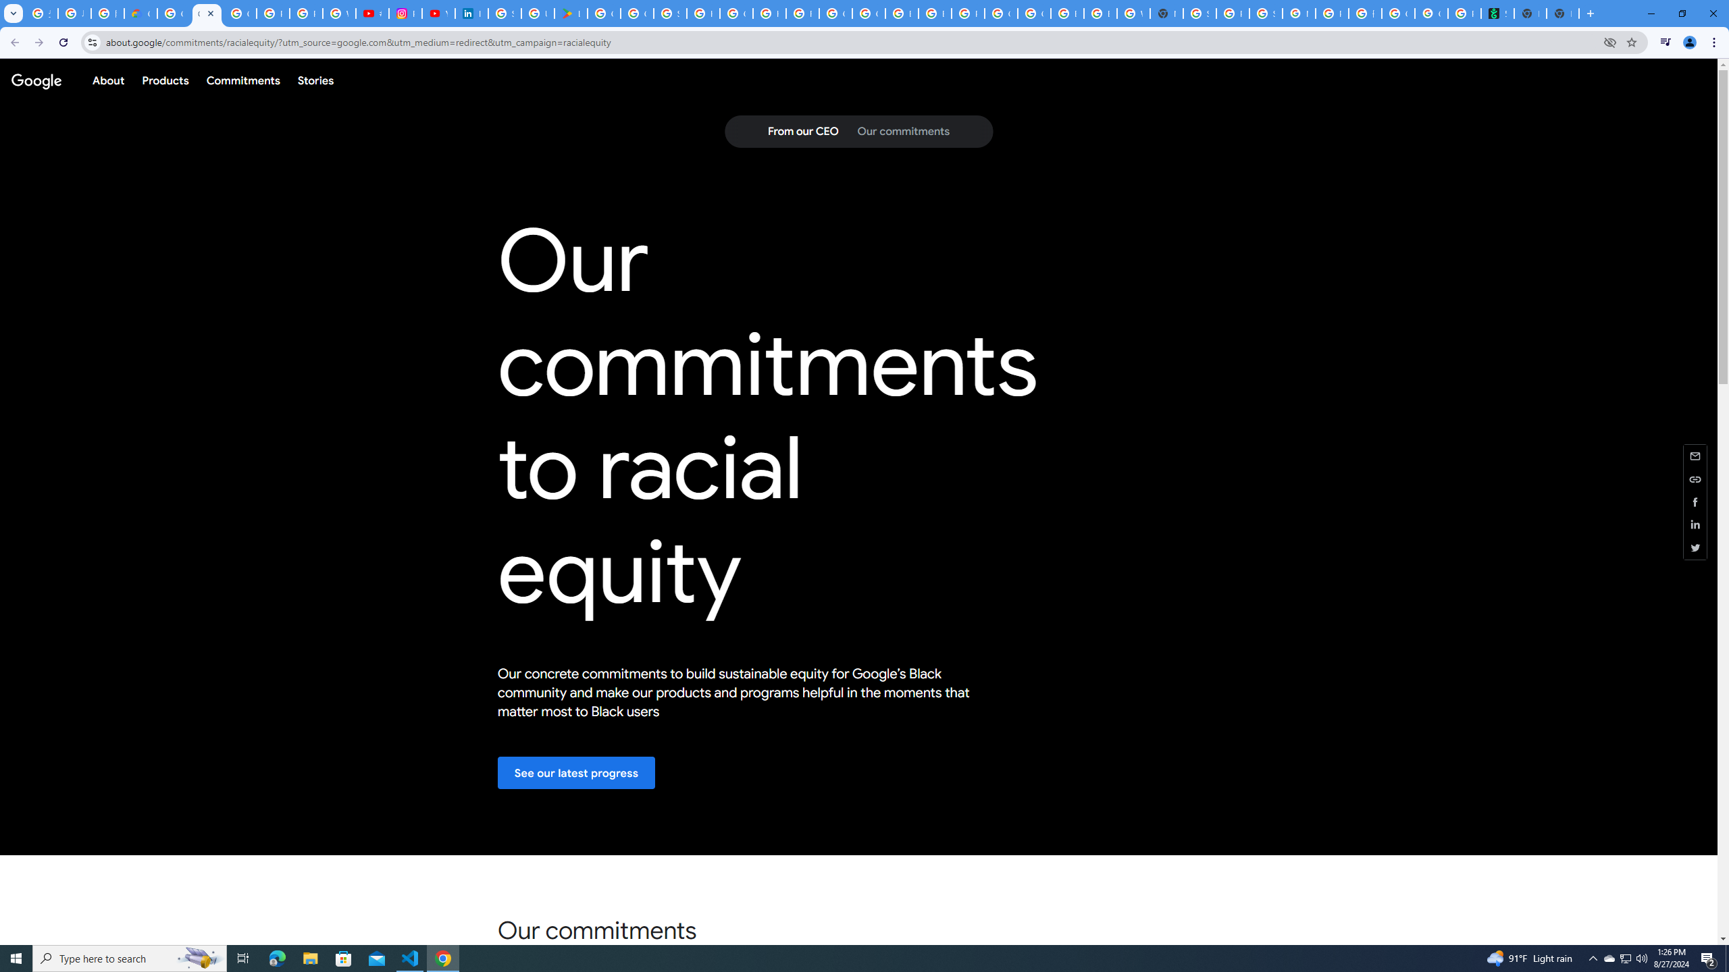 Image resolution: width=1729 pixels, height=972 pixels. Describe the element at coordinates (1610, 41) in the screenshot. I see `'Third-party cookies blocked'` at that location.